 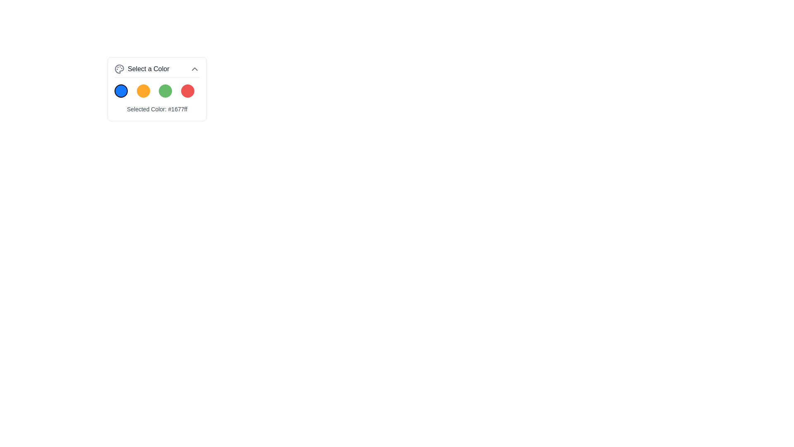 What do you see at coordinates (157, 89) in the screenshot?
I see `the Dropdown Menu labeled 'Select a Color'` at bounding box center [157, 89].